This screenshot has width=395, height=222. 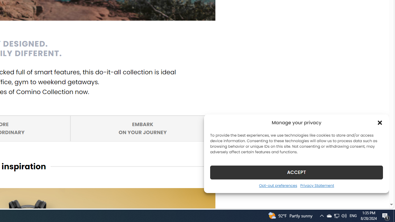 I want to click on 'ACCEPT', so click(x=297, y=172).